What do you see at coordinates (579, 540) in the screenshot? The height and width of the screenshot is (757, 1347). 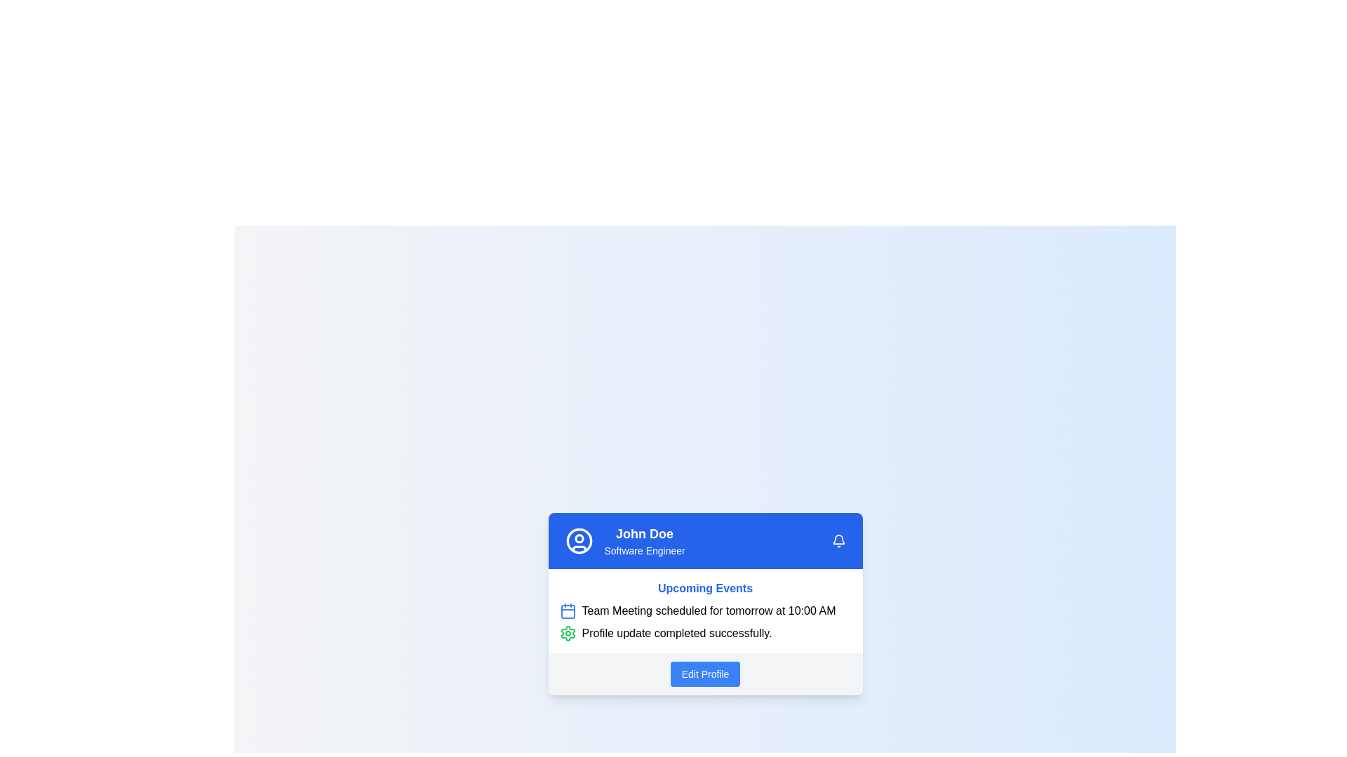 I see `the circular graphical element within the SVG that represents the outer boundary of the user profile picture, located on the top-left of the blue header card` at bounding box center [579, 540].